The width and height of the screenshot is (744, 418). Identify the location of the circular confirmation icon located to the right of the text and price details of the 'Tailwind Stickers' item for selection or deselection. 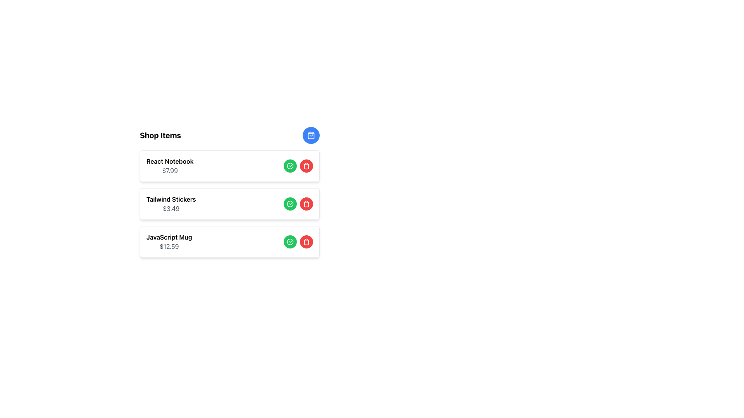
(289, 165).